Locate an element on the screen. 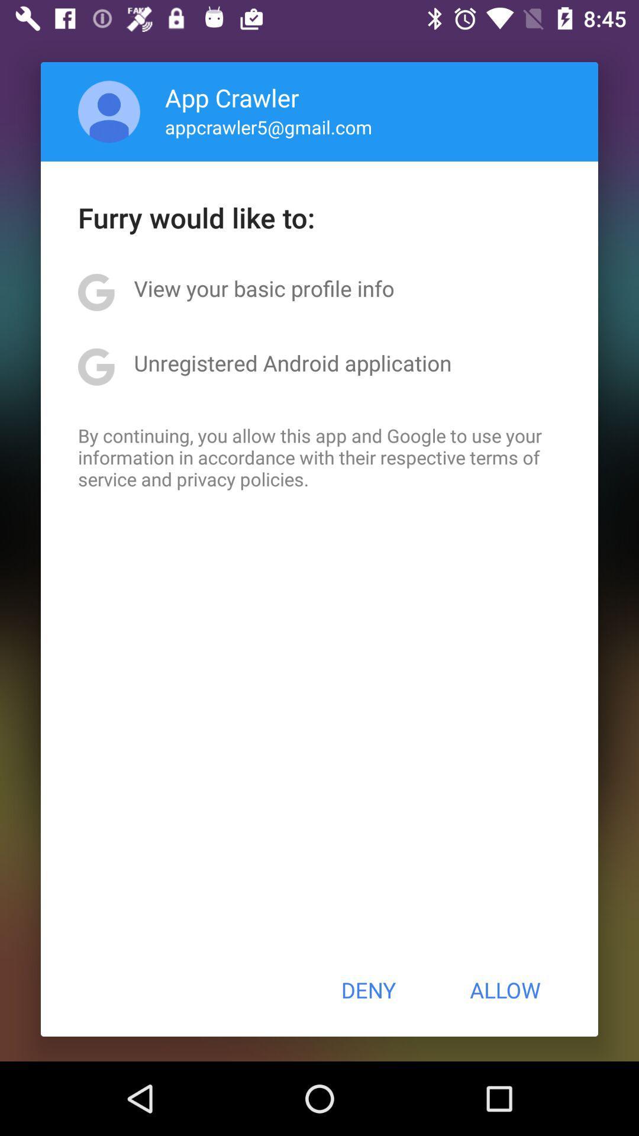  the item at the bottom is located at coordinates (367, 990).